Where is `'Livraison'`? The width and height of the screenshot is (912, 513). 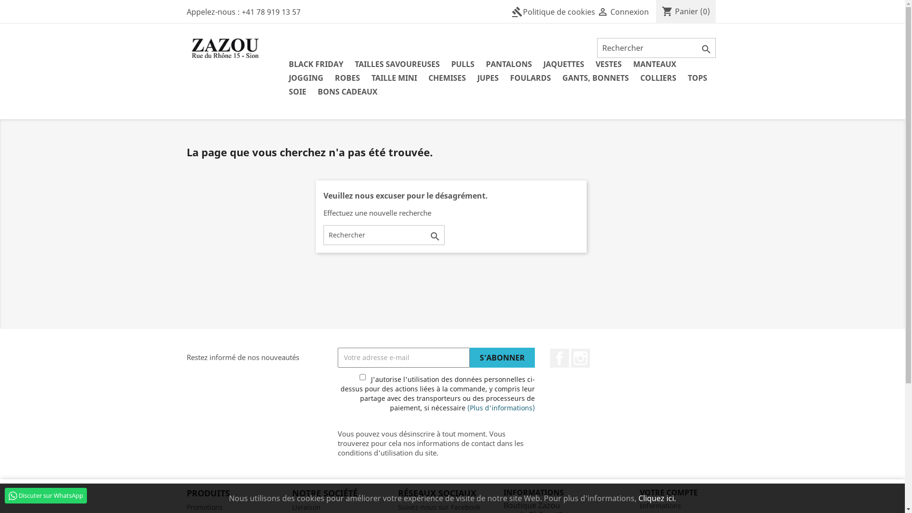 'Livraison' is located at coordinates (306, 506).